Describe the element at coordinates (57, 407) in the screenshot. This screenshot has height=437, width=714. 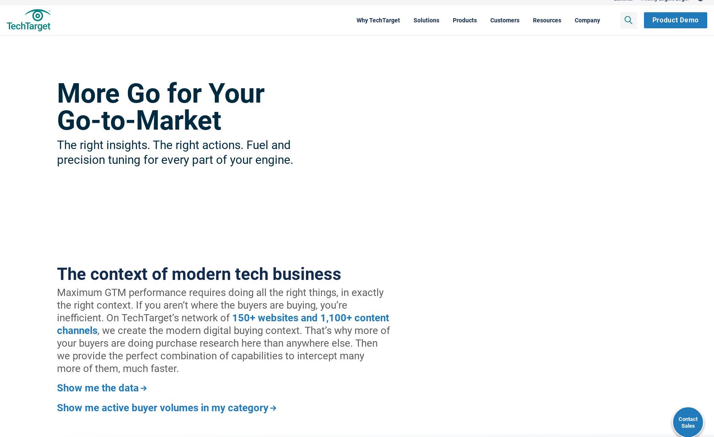
I see `'Show me active buyer volumes in my category'` at that location.